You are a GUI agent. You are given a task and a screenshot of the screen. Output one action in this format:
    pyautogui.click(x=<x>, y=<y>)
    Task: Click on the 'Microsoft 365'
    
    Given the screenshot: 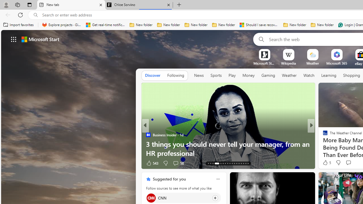 What is the action you would take?
    pyautogui.click(x=337, y=63)
    